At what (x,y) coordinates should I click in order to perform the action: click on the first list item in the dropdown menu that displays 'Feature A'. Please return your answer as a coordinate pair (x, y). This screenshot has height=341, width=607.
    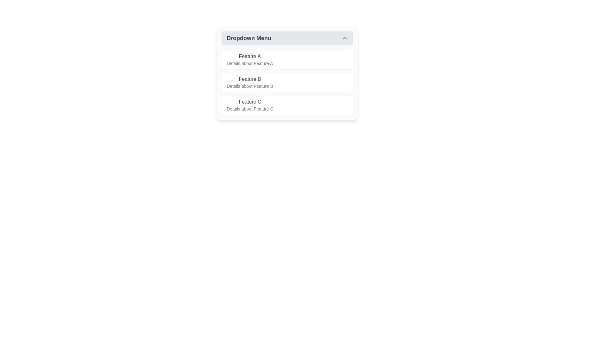
    Looking at the image, I should click on (287, 60).